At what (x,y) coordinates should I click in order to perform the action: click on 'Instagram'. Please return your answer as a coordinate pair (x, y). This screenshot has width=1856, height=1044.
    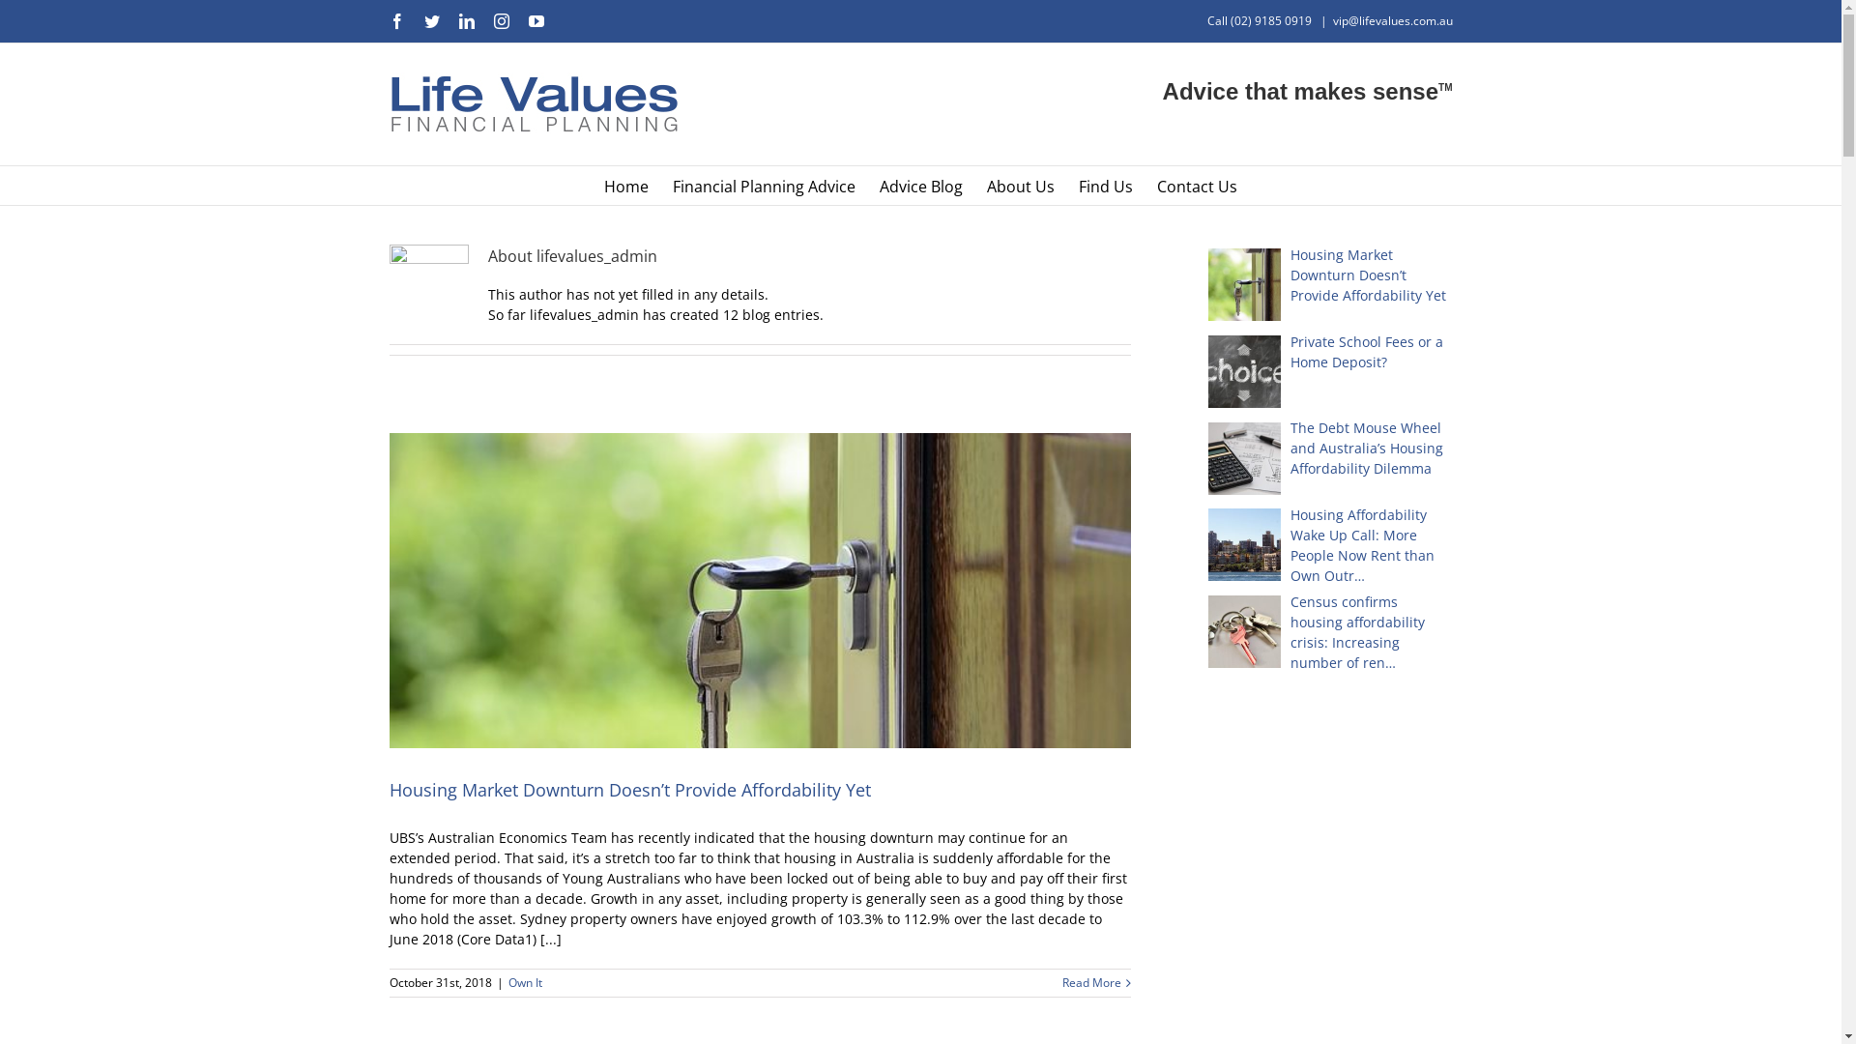
    Looking at the image, I should click on (501, 21).